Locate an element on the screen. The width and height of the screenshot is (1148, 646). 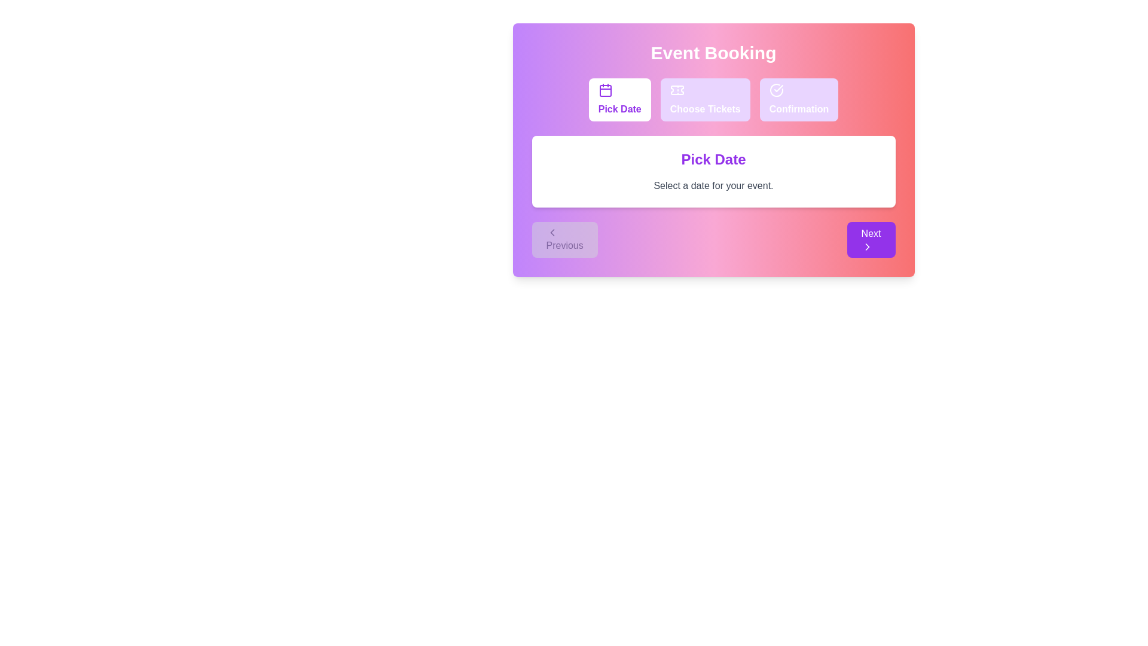
the 'Pick Date' icon, which is the leftmost option in the upper row of options, indicating the feature to select a date for the event is located at coordinates (605, 89).